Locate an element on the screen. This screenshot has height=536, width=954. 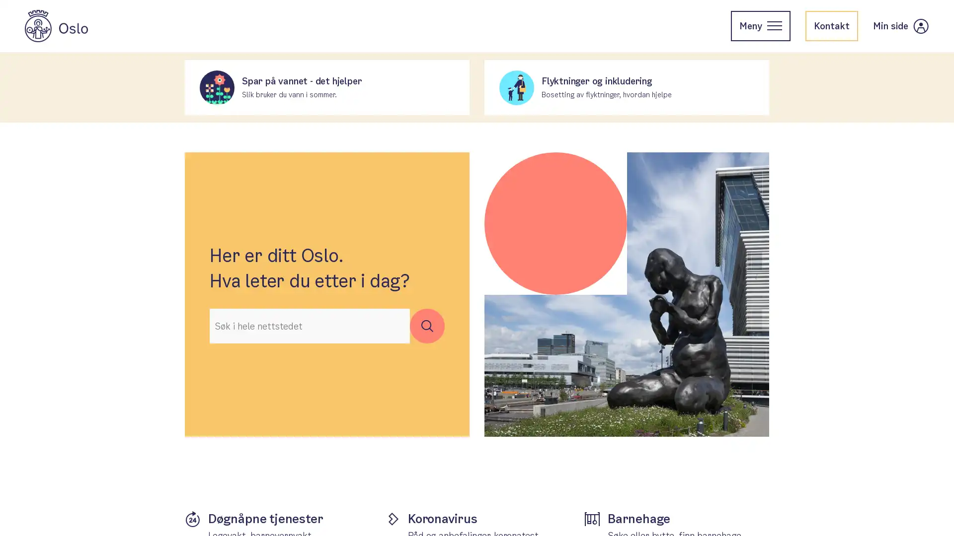
Meny is located at coordinates (760, 25).